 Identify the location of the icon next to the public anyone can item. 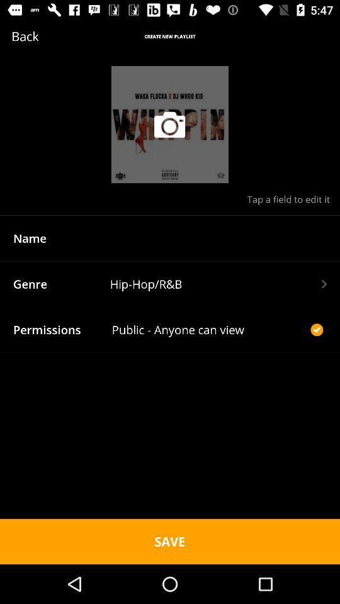
(316, 329).